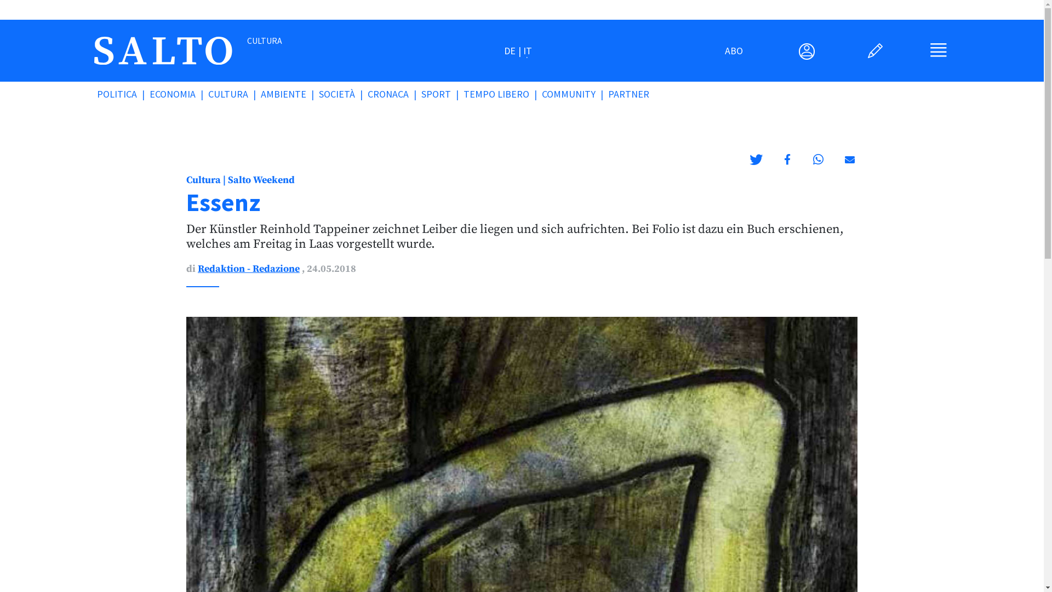  Describe the element at coordinates (368, 93) in the screenshot. I see `'CRONACA'` at that location.